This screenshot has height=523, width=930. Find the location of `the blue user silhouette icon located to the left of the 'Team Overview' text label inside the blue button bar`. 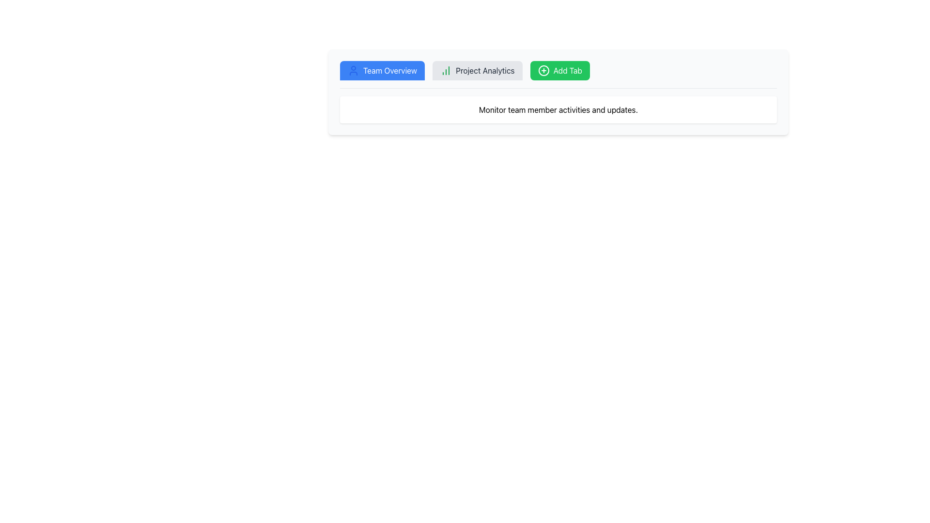

the blue user silhouette icon located to the left of the 'Team Overview' text label inside the blue button bar is located at coordinates (353, 70).